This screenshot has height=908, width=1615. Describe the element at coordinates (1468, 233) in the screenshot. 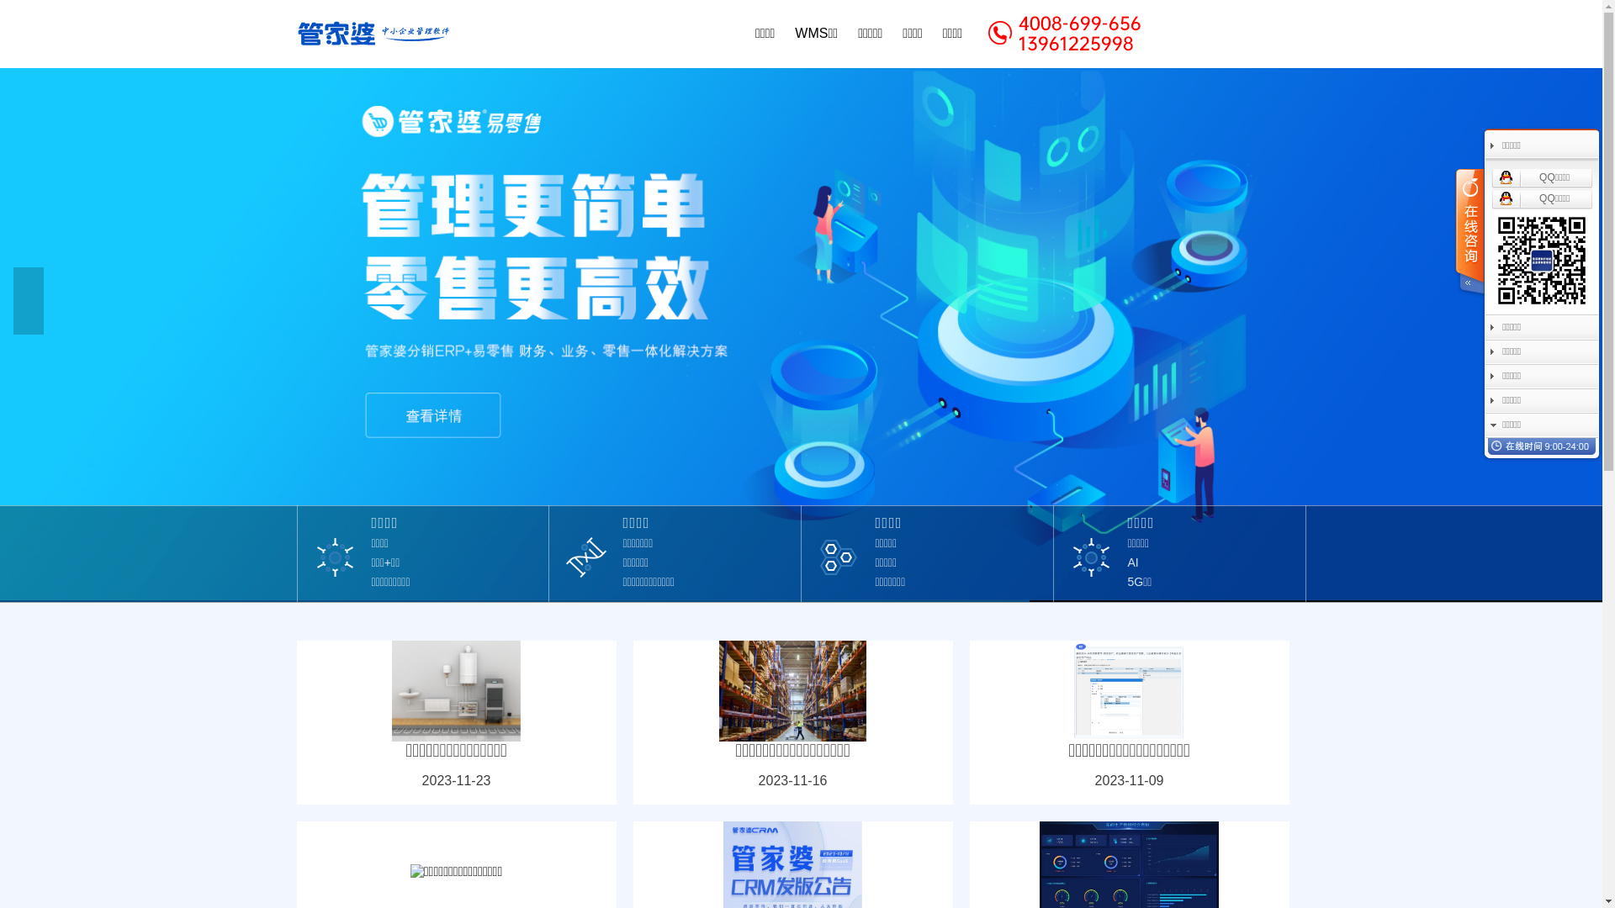

I see `' '` at that location.